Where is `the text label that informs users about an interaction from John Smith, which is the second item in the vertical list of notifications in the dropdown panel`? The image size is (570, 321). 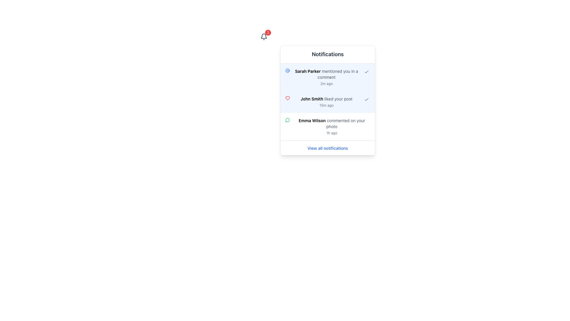 the text label that informs users about an interaction from John Smith, which is the second item in the vertical list of notifications in the dropdown panel is located at coordinates (326, 102).